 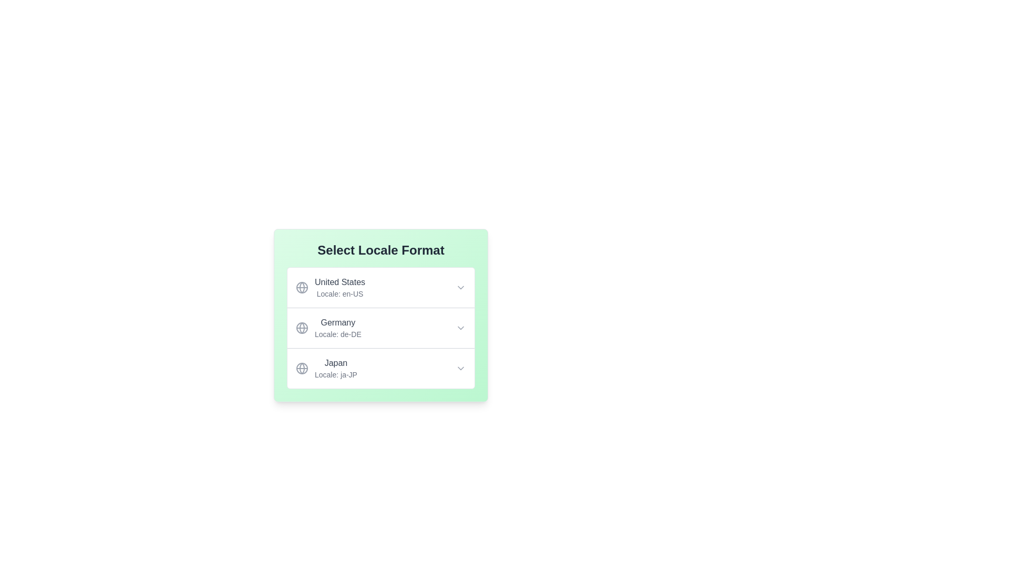 I want to click on the second row of the locale options in the green-toned dialog box titled 'Select Locale Format', so click(x=380, y=315).